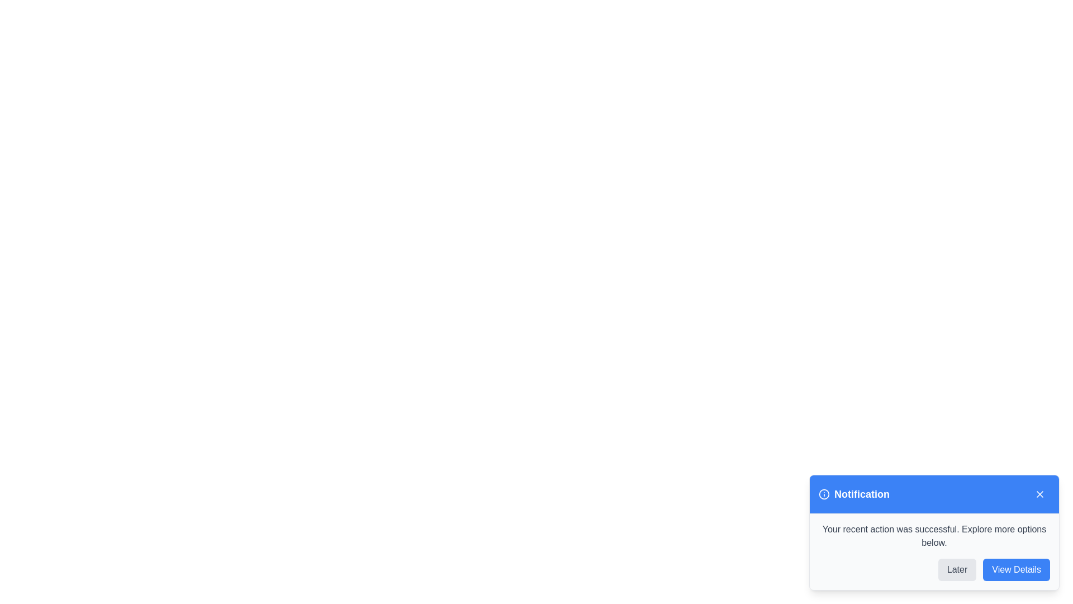 The height and width of the screenshot is (604, 1073). I want to click on the circular outline graphic element within the notification icon, located on the left part of the notification bar's header section, so click(824, 493).